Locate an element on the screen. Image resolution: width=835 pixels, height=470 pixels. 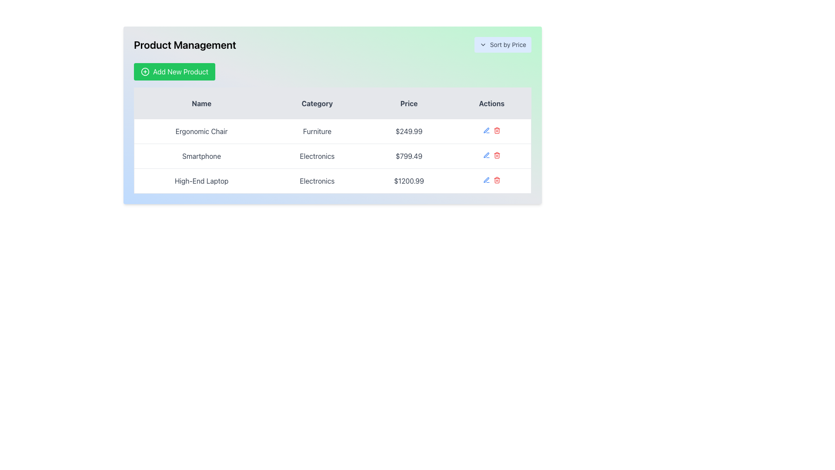
the interactive edit icon, which is a pen symbol located in the second row of the table under the 'Actions' column is located at coordinates (486, 131).